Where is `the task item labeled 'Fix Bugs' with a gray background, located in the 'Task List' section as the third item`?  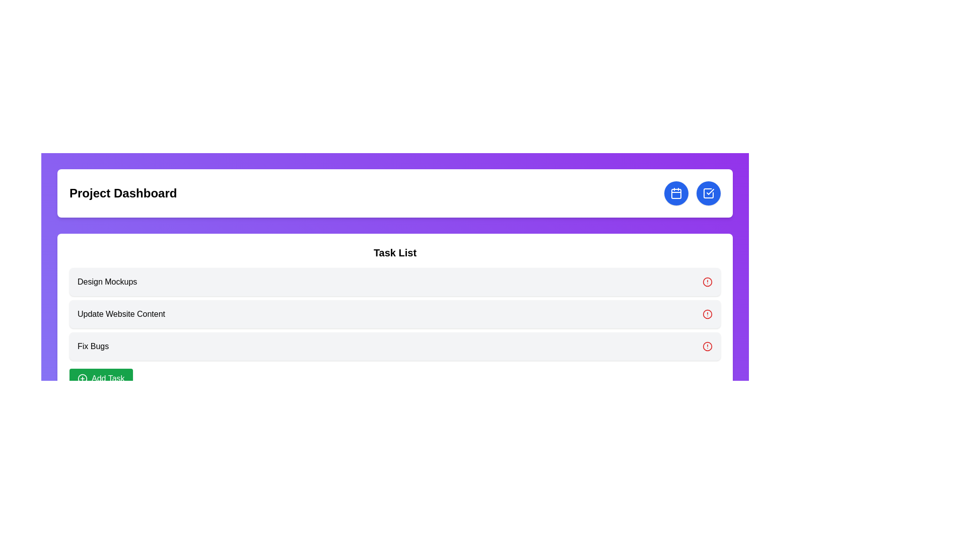 the task item labeled 'Fix Bugs' with a gray background, located in the 'Task List' section as the third item is located at coordinates (394, 346).